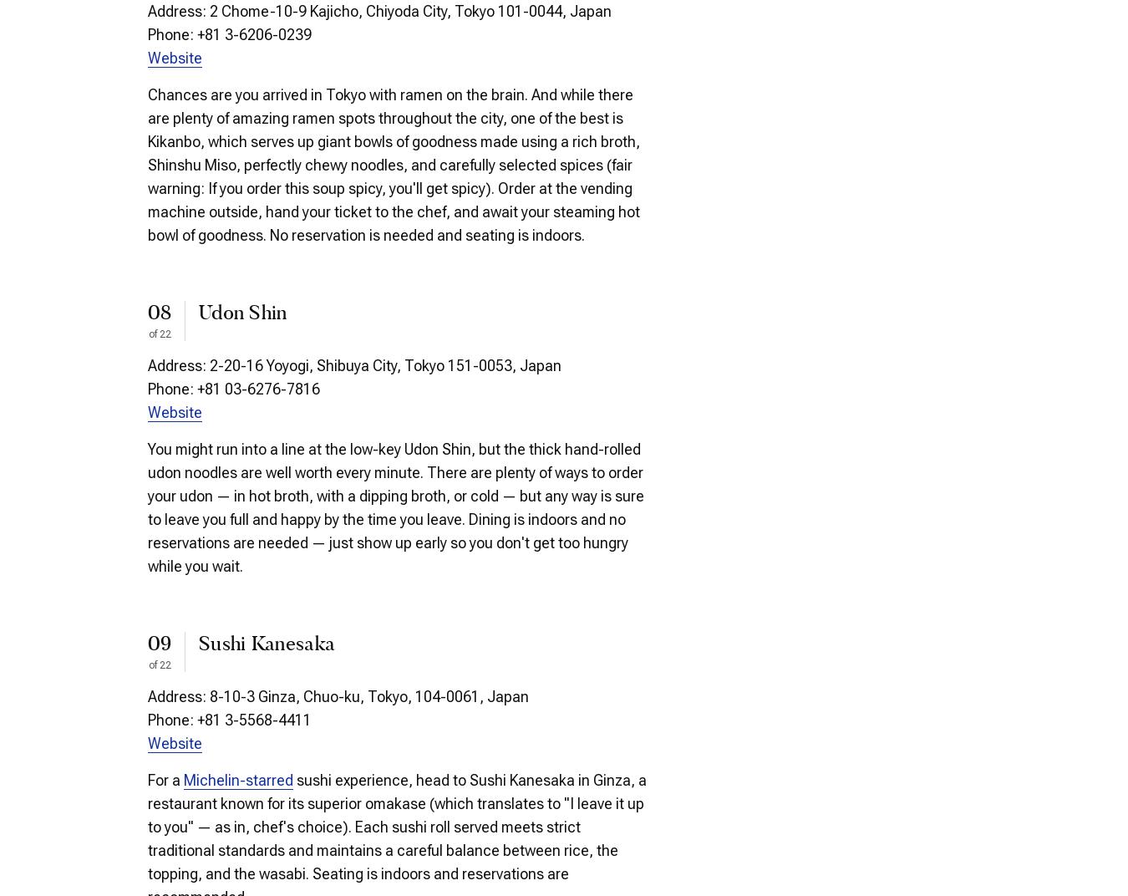 The width and height of the screenshot is (1128, 896). I want to click on 'Address: 2 Chome-10-9 Kajicho, Chiyoda City, Tokyo 101-0044, Japan', so click(379, 9).